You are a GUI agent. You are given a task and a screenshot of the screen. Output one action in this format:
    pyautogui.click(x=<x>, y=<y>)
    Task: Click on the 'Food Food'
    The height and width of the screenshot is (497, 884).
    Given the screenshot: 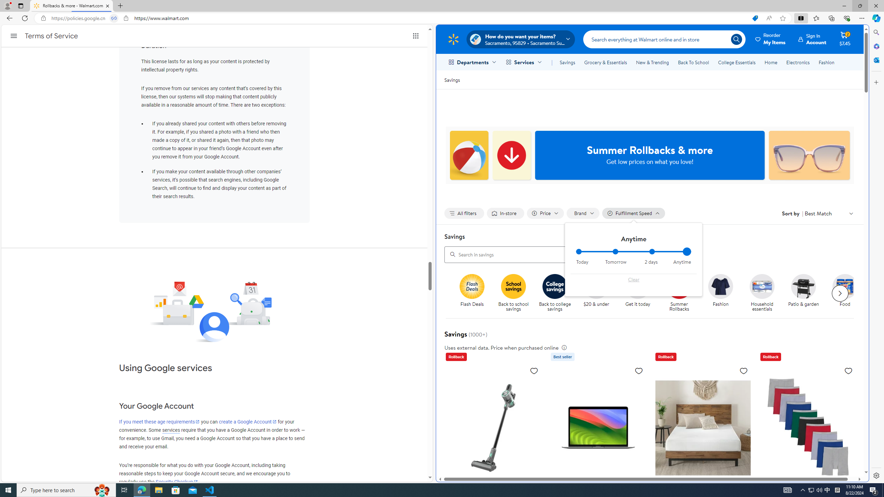 What is the action you would take?
    pyautogui.click(x=845, y=291)
    